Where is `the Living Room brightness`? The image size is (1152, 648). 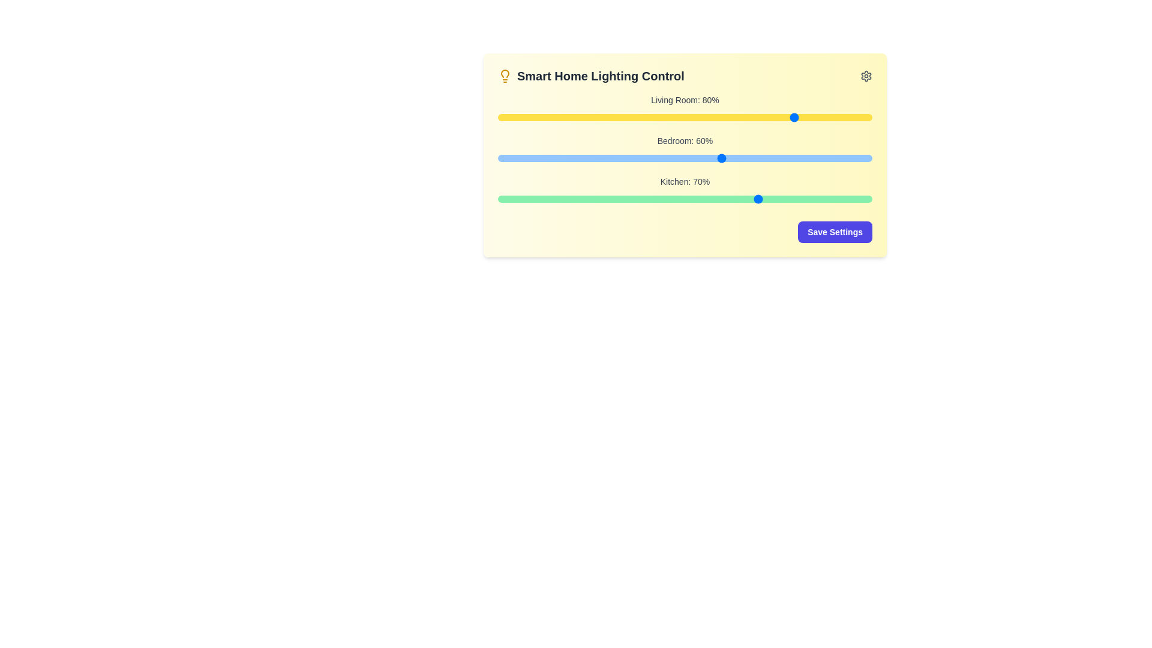
the Living Room brightness is located at coordinates (681, 118).